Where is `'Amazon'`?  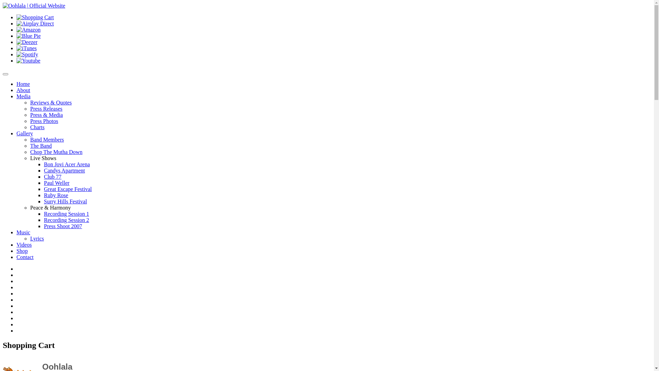
'Amazon' is located at coordinates (16, 29).